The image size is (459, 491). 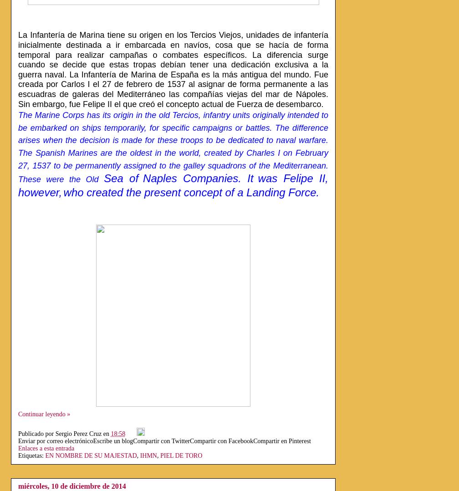 I want to click on 'Compartir con Twitter', so click(x=133, y=440).